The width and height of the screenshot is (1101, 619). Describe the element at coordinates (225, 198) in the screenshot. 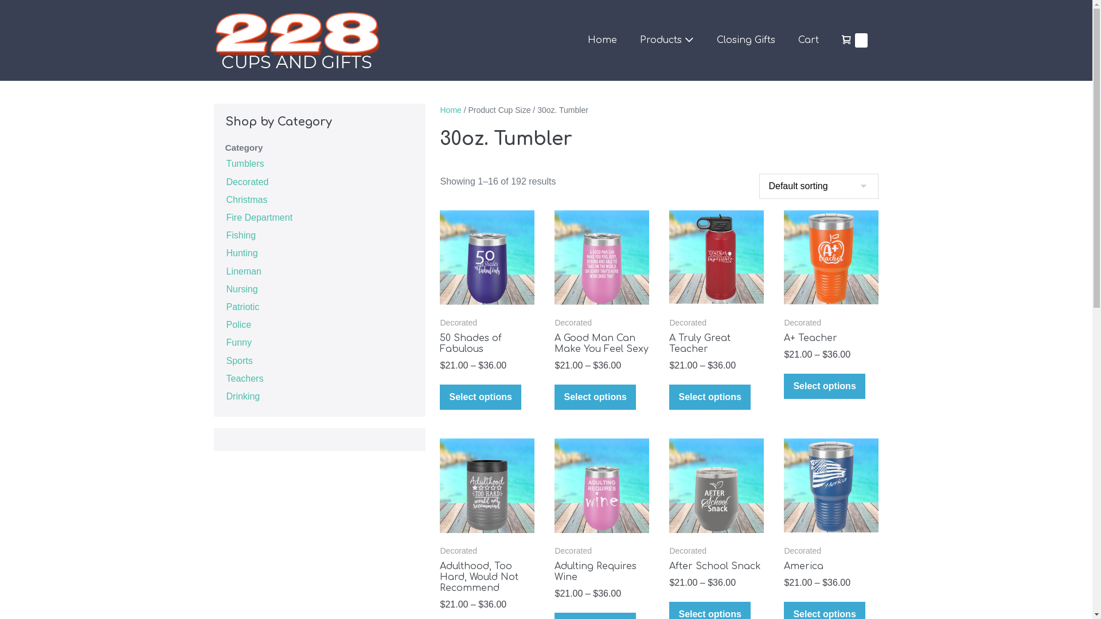

I see `'Christmas'` at that location.